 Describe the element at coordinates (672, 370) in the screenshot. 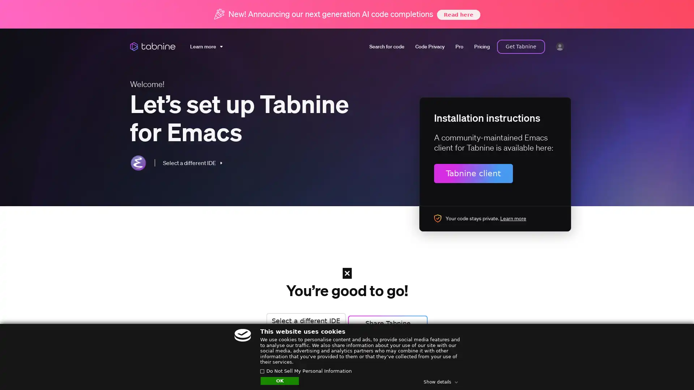

I see `Open` at that location.